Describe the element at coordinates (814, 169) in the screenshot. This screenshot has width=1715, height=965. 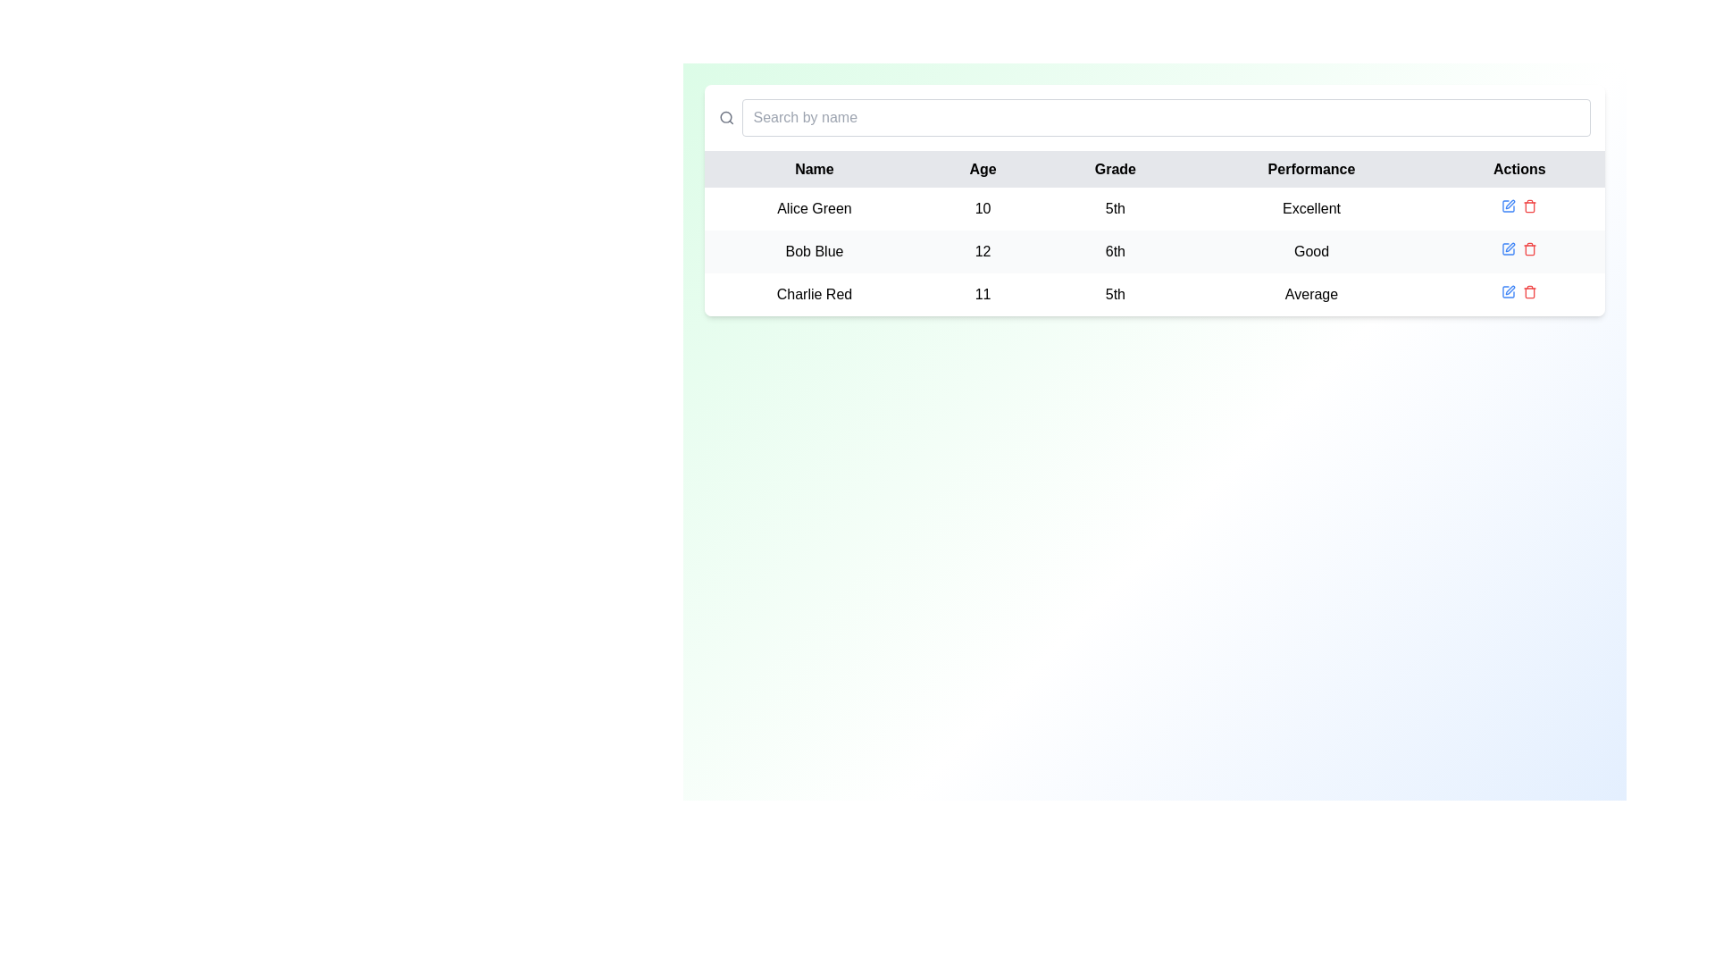
I see `the 'Name' column header label in the table, which is the first element among its siblings and located in the upper-left portion of the table layout` at that location.